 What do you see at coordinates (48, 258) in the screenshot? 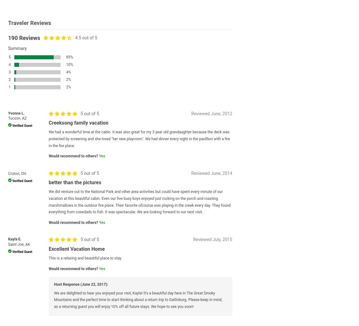
I see `'This is a relaxing and beautiful place to stay.'` at bounding box center [48, 258].